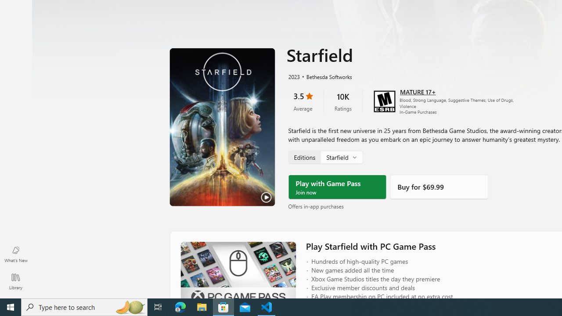 The height and width of the screenshot is (316, 562). Describe the element at coordinates (15, 281) in the screenshot. I see `'Library'` at that location.